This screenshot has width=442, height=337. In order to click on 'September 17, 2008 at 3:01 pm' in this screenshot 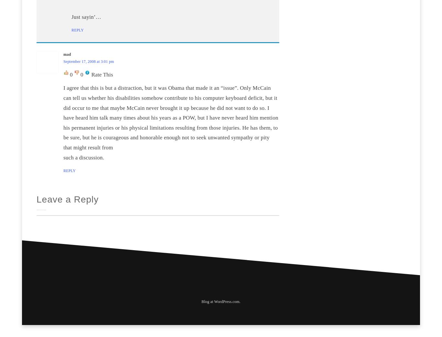, I will do `click(63, 61)`.